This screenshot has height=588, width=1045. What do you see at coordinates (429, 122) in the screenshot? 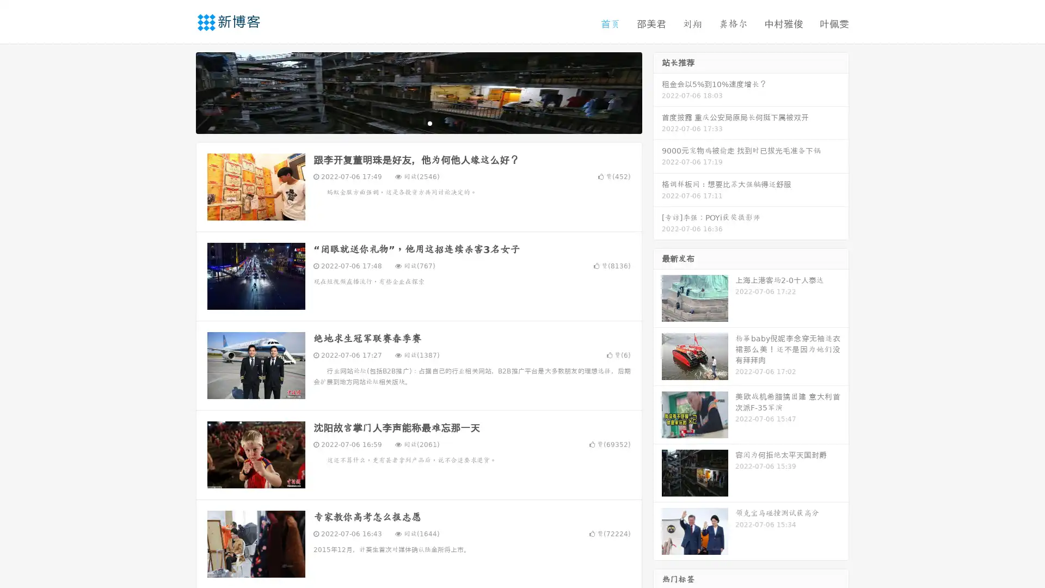
I see `Go to slide 3` at bounding box center [429, 122].